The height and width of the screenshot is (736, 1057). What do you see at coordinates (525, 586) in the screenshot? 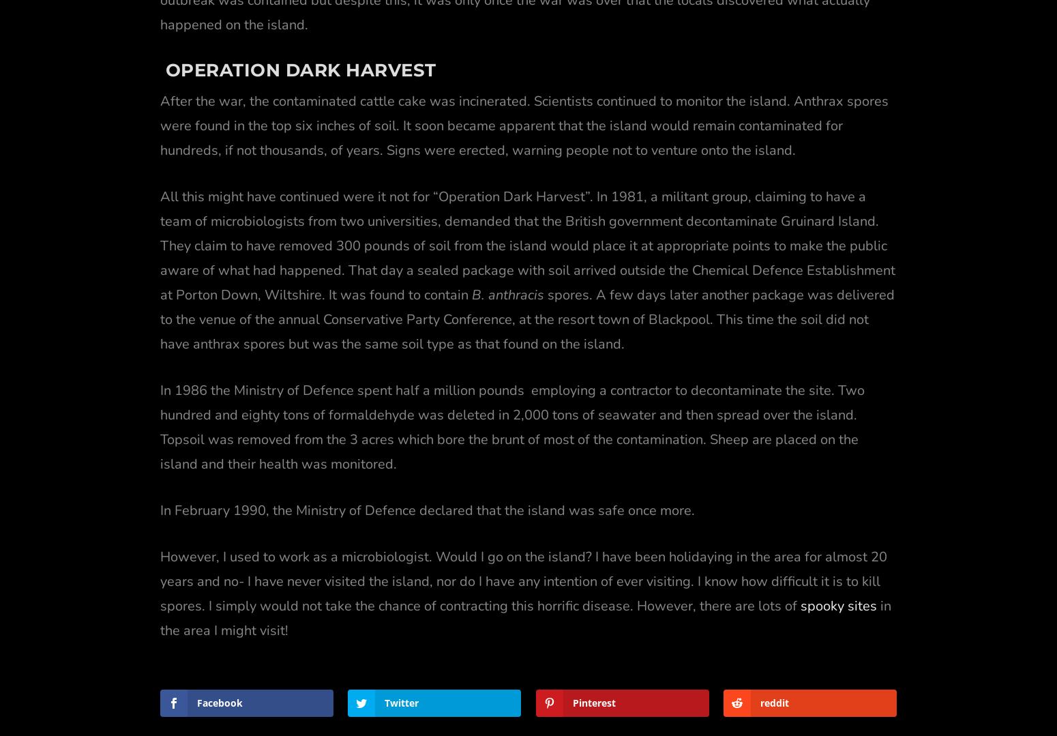
I see `'in the area I might visit!'` at bounding box center [525, 586].